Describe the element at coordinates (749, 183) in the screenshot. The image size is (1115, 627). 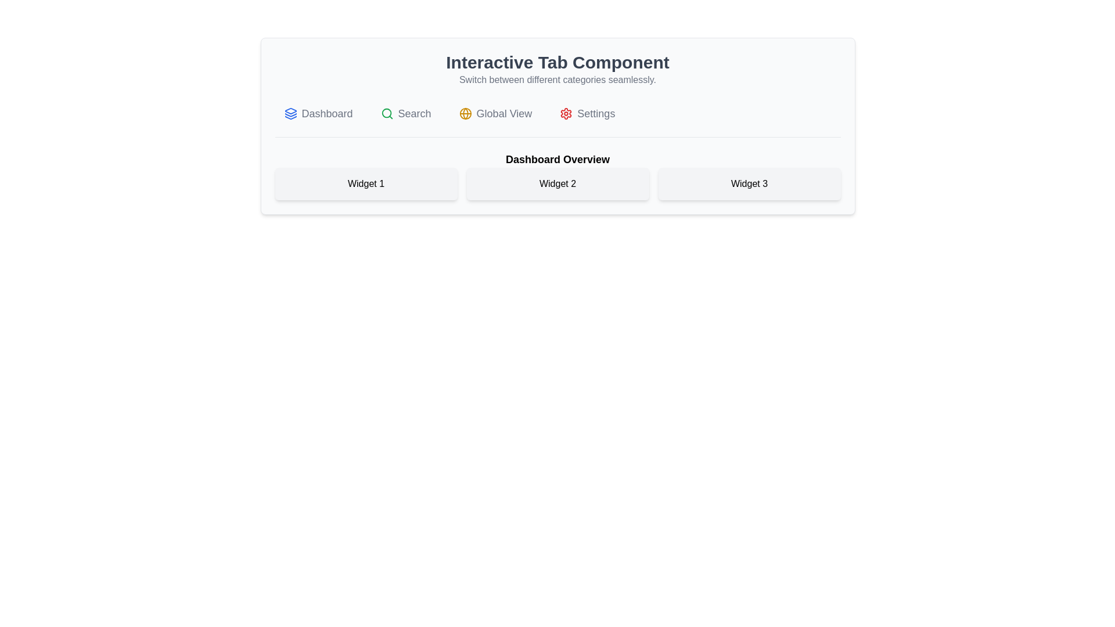
I see `the static display component labeled 'Widget 3', which is the third widget in a row of three with rounded corners and a light gray background` at that location.